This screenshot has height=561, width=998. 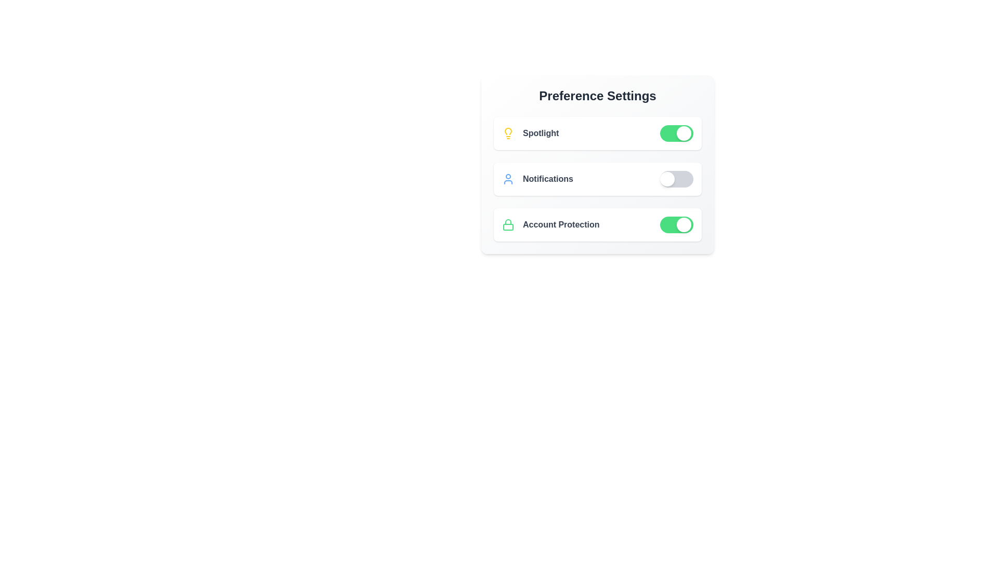 What do you see at coordinates (676, 178) in the screenshot?
I see `the 'Notifications' switch to toggle its state` at bounding box center [676, 178].